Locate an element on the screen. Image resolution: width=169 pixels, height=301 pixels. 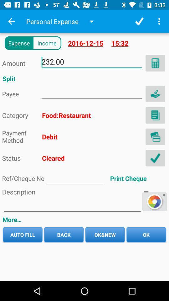
address is located at coordinates (155, 115).